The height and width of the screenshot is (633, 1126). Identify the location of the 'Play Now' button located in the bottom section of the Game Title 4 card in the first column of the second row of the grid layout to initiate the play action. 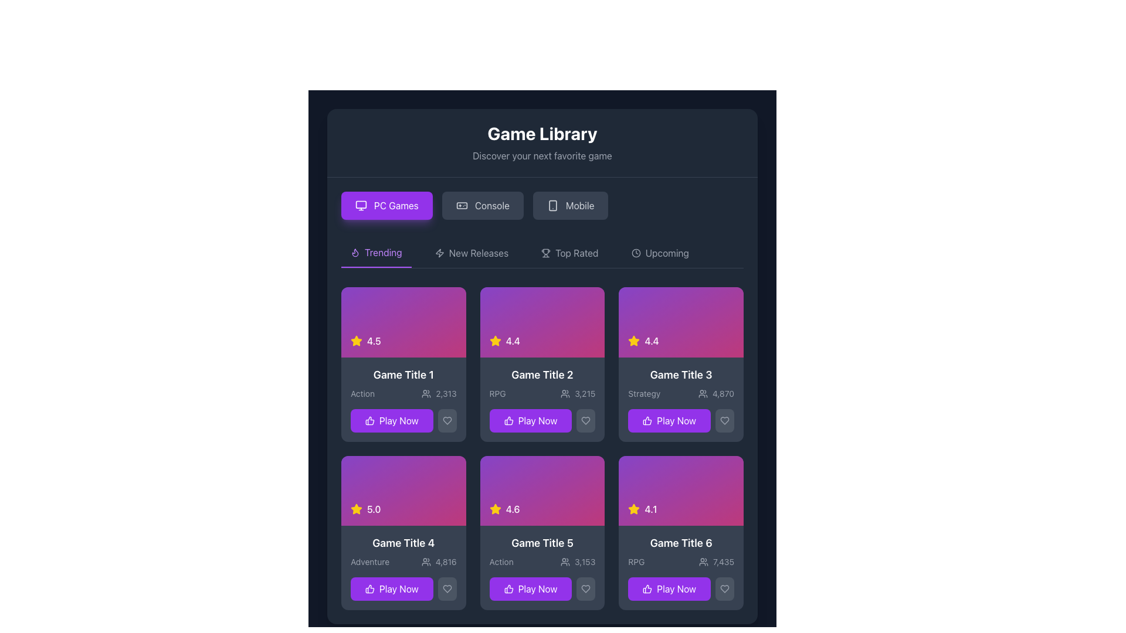
(392, 589).